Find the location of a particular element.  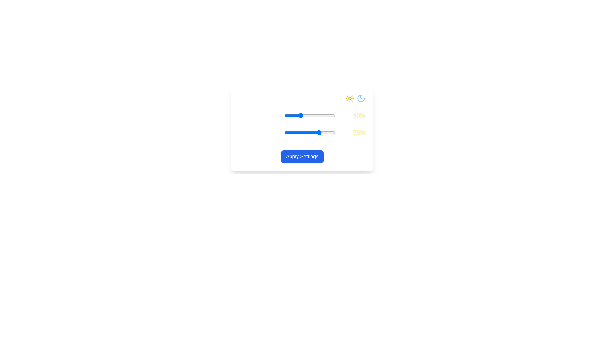

the Daylight Intensity slider to 32% is located at coordinates (300, 116).